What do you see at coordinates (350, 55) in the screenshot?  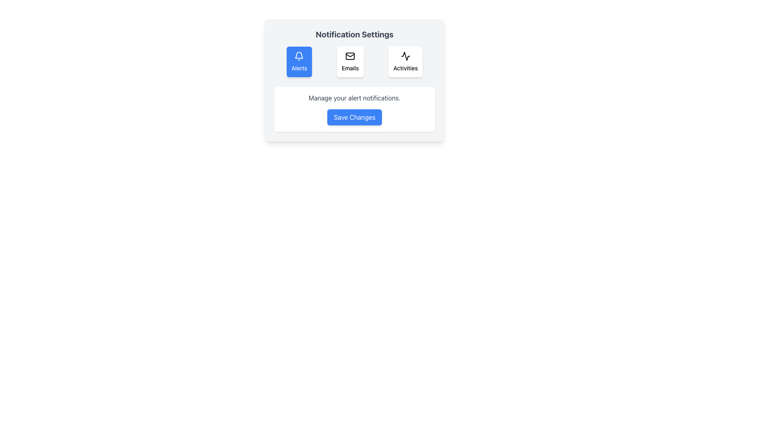 I see `the envelope graphic icon located in the 'Emails' section of the 'Notification Settings' dialog` at bounding box center [350, 55].